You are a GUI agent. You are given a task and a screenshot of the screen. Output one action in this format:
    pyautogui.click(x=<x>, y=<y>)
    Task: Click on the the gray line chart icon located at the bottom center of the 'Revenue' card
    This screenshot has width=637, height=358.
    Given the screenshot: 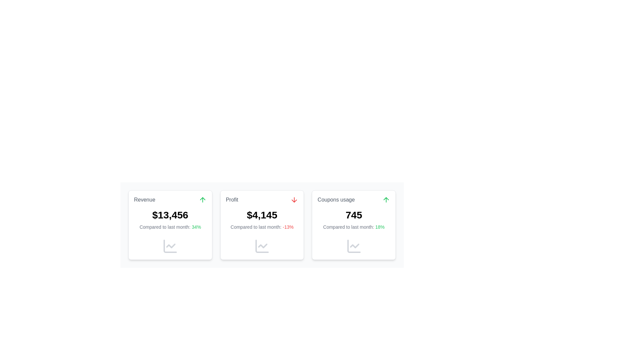 What is the action you would take?
    pyautogui.click(x=170, y=246)
    